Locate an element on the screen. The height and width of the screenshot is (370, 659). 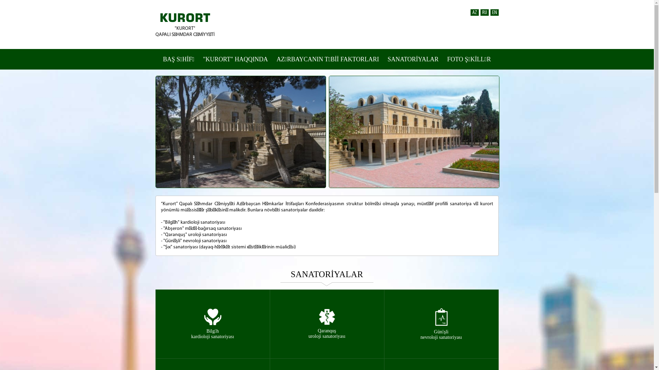
'"KURORT" HAQQINDA' is located at coordinates (235, 59).